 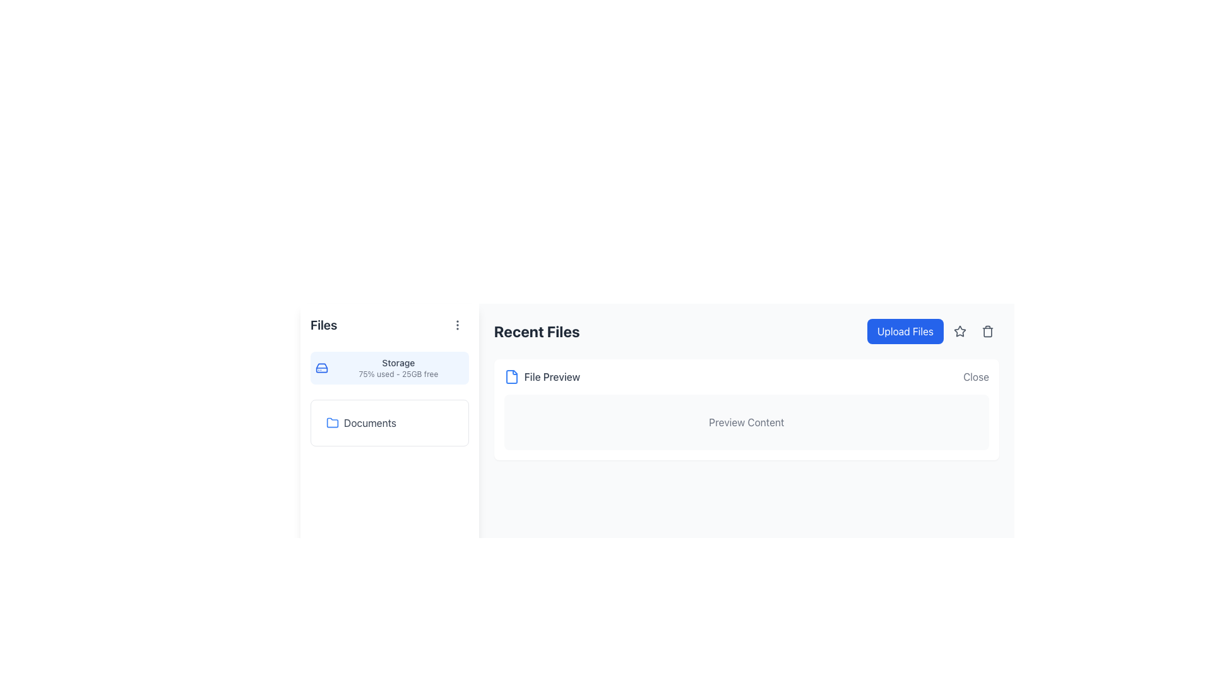 I want to click on the 'Documents' interactive list item in the sidebar, so click(x=389, y=423).